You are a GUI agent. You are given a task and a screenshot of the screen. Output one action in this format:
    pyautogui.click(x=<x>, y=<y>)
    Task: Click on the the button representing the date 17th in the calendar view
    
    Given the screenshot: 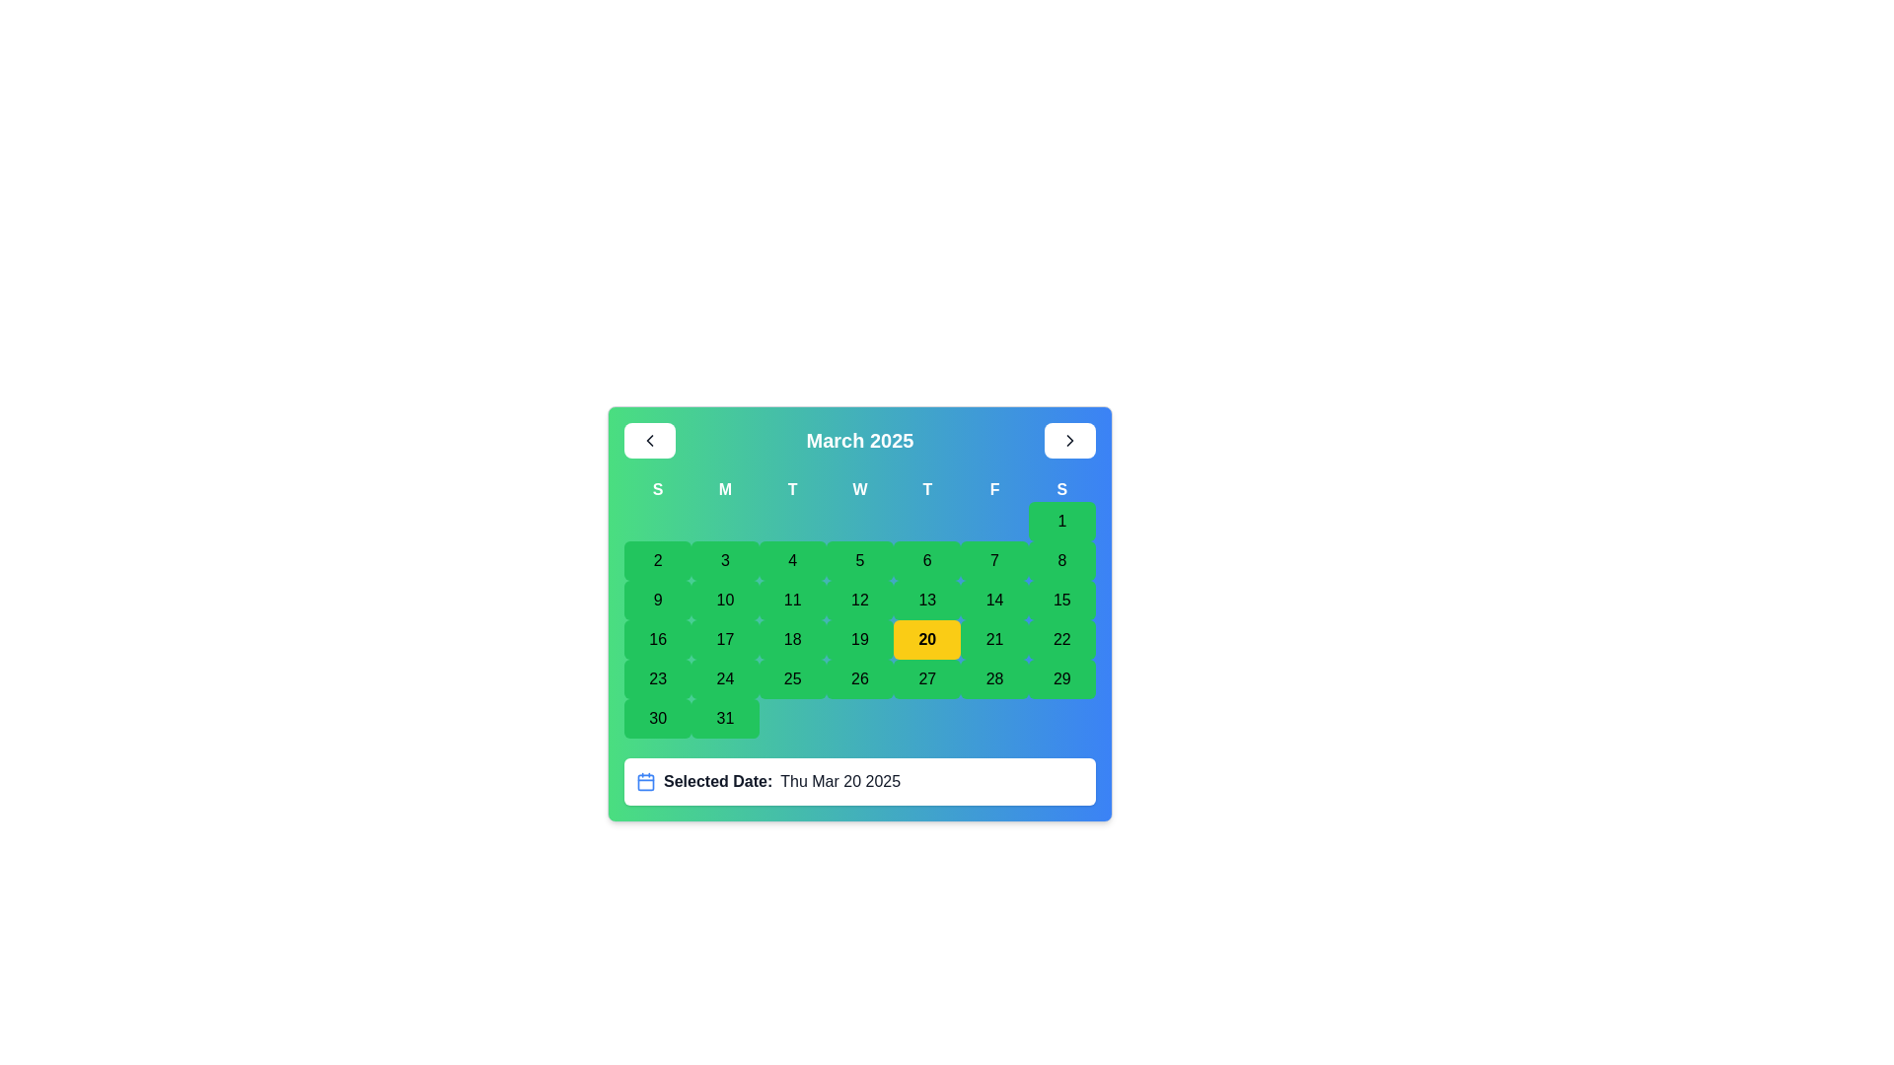 What is the action you would take?
    pyautogui.click(x=723, y=639)
    